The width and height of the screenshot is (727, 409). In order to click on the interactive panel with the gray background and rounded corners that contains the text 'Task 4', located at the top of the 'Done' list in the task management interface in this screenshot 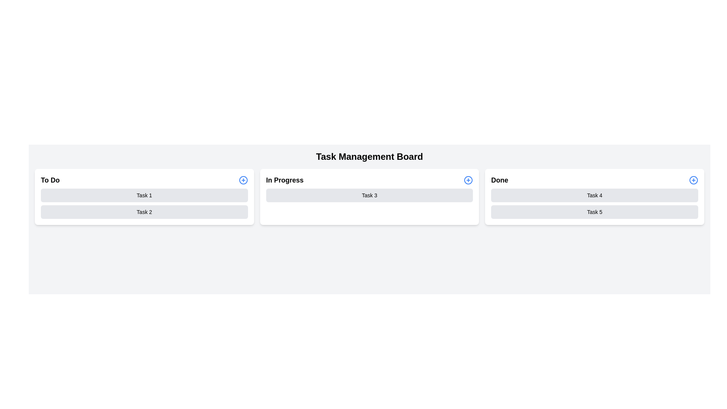, I will do `click(594, 195)`.